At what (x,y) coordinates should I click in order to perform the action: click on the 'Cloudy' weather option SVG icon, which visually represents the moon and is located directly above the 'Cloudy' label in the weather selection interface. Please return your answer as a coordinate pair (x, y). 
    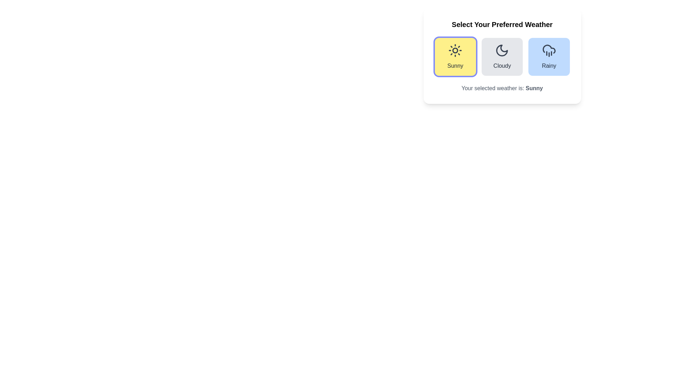
    Looking at the image, I should click on (502, 50).